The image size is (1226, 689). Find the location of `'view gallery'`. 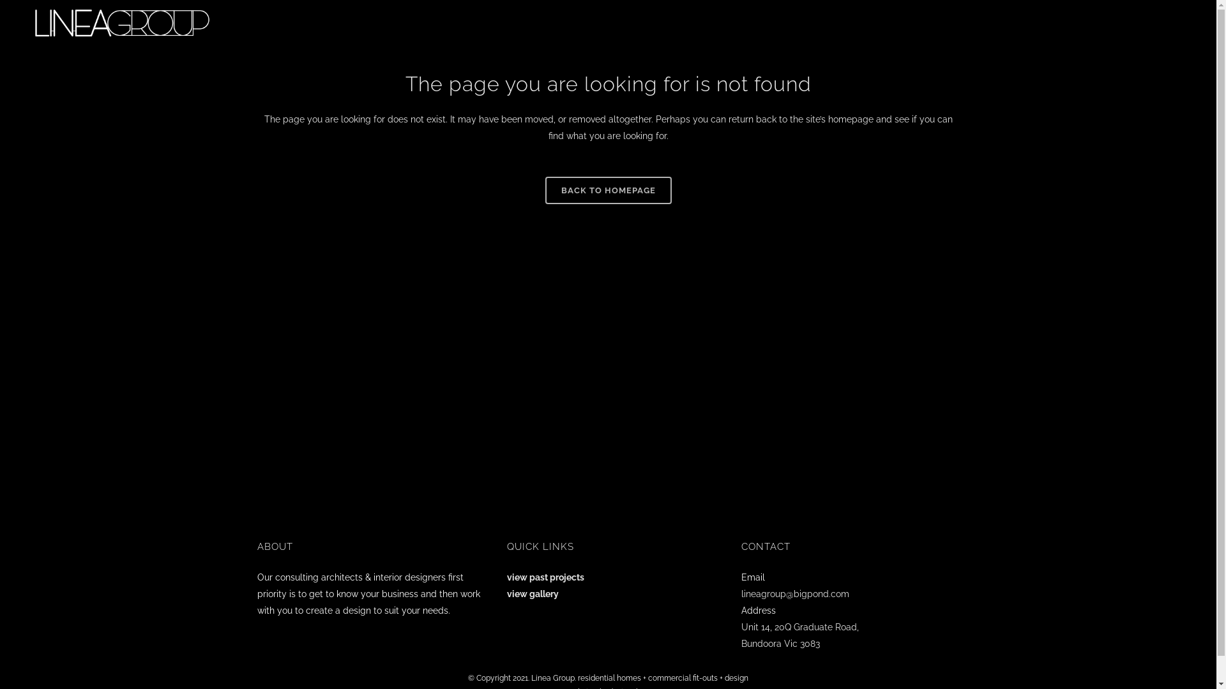

'view gallery' is located at coordinates (533, 593).